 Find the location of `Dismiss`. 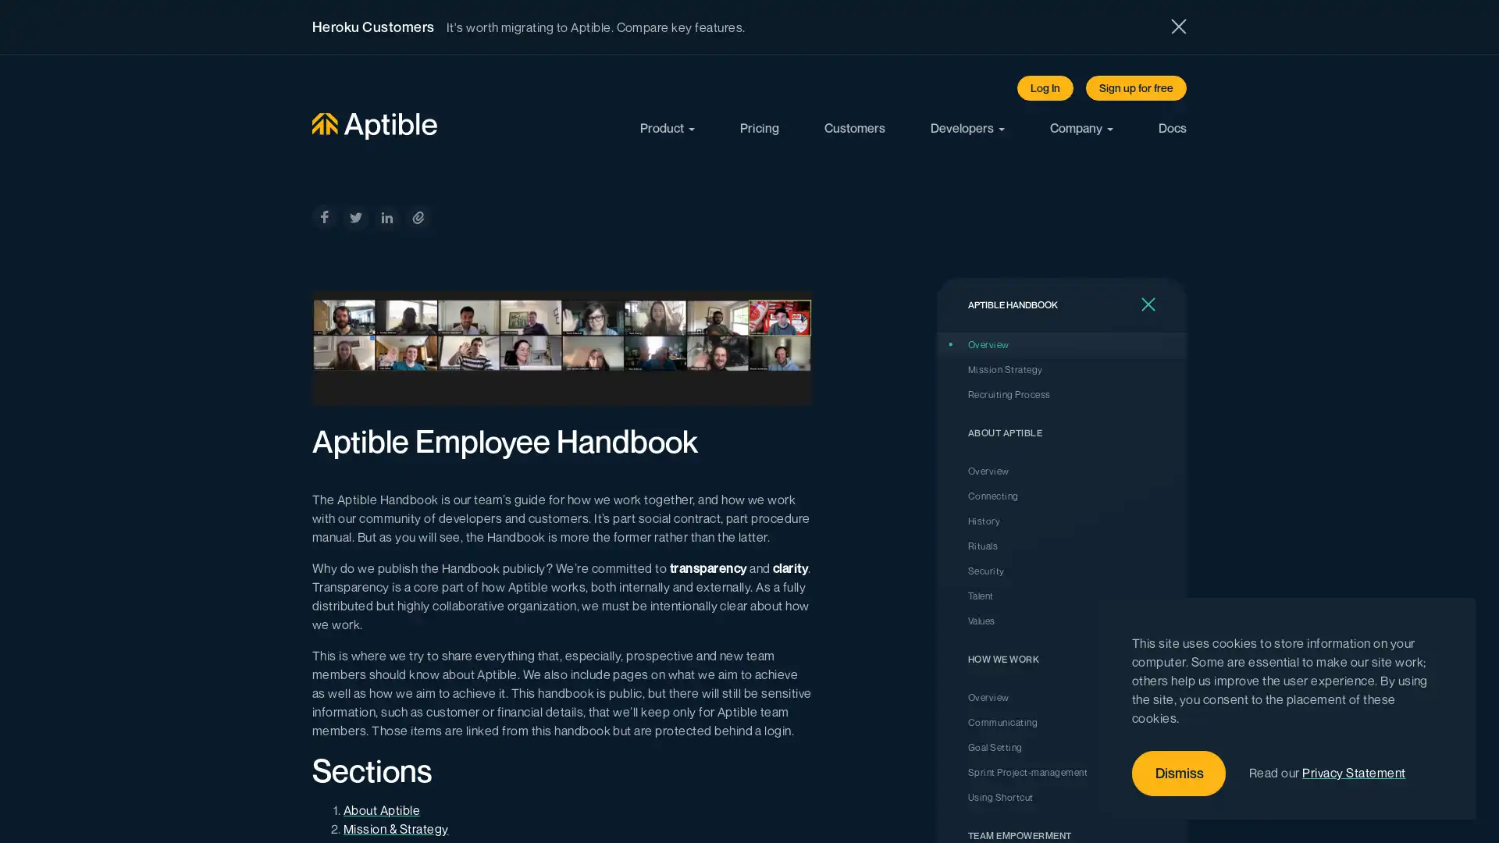

Dismiss is located at coordinates (1179, 774).